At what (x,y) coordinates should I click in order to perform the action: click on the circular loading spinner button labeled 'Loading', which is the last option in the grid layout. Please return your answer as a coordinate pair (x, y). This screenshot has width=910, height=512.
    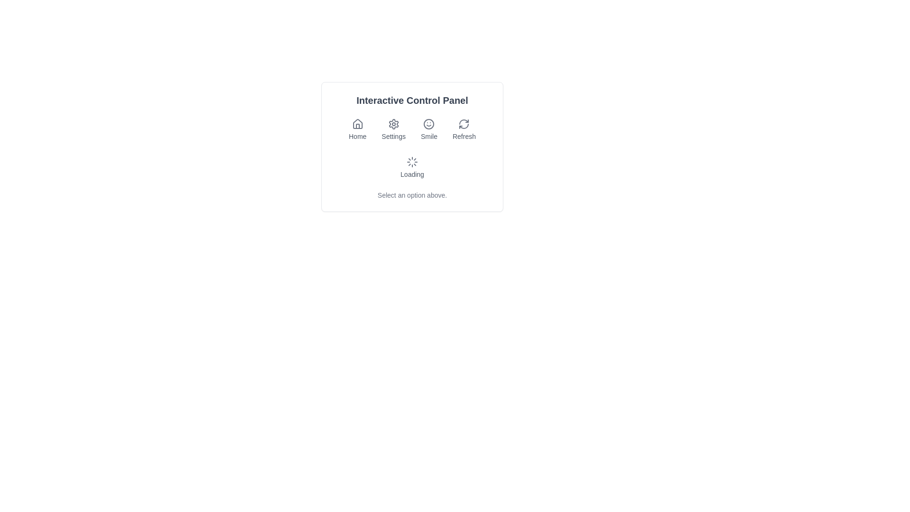
    Looking at the image, I should click on (412, 167).